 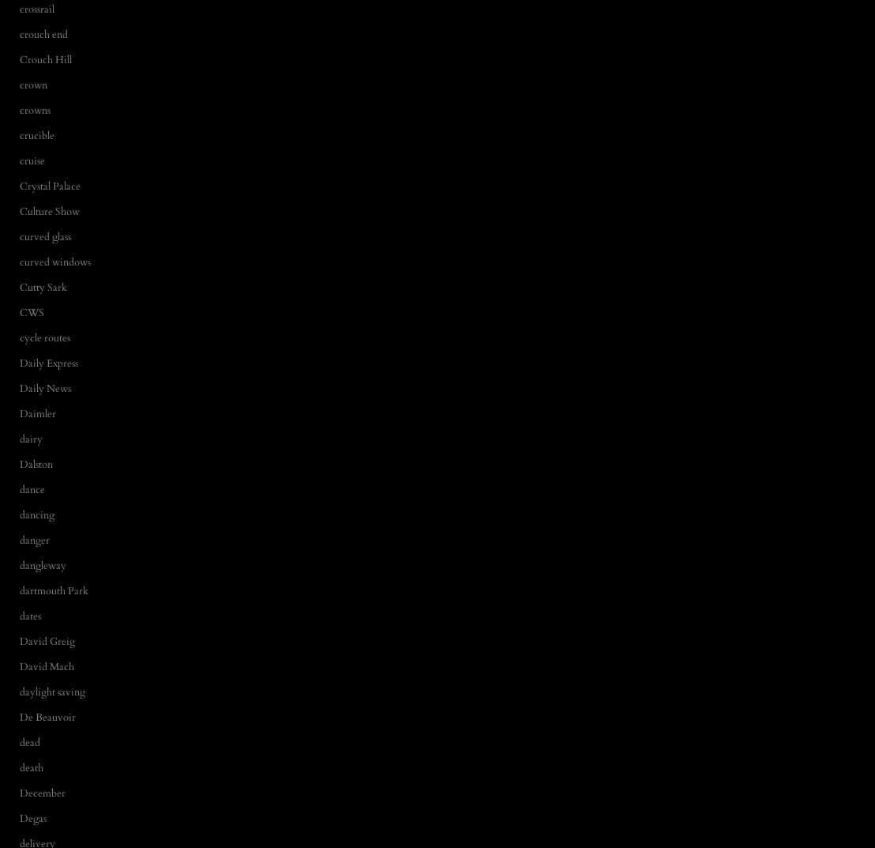 What do you see at coordinates (32, 160) in the screenshot?
I see `'cruise'` at bounding box center [32, 160].